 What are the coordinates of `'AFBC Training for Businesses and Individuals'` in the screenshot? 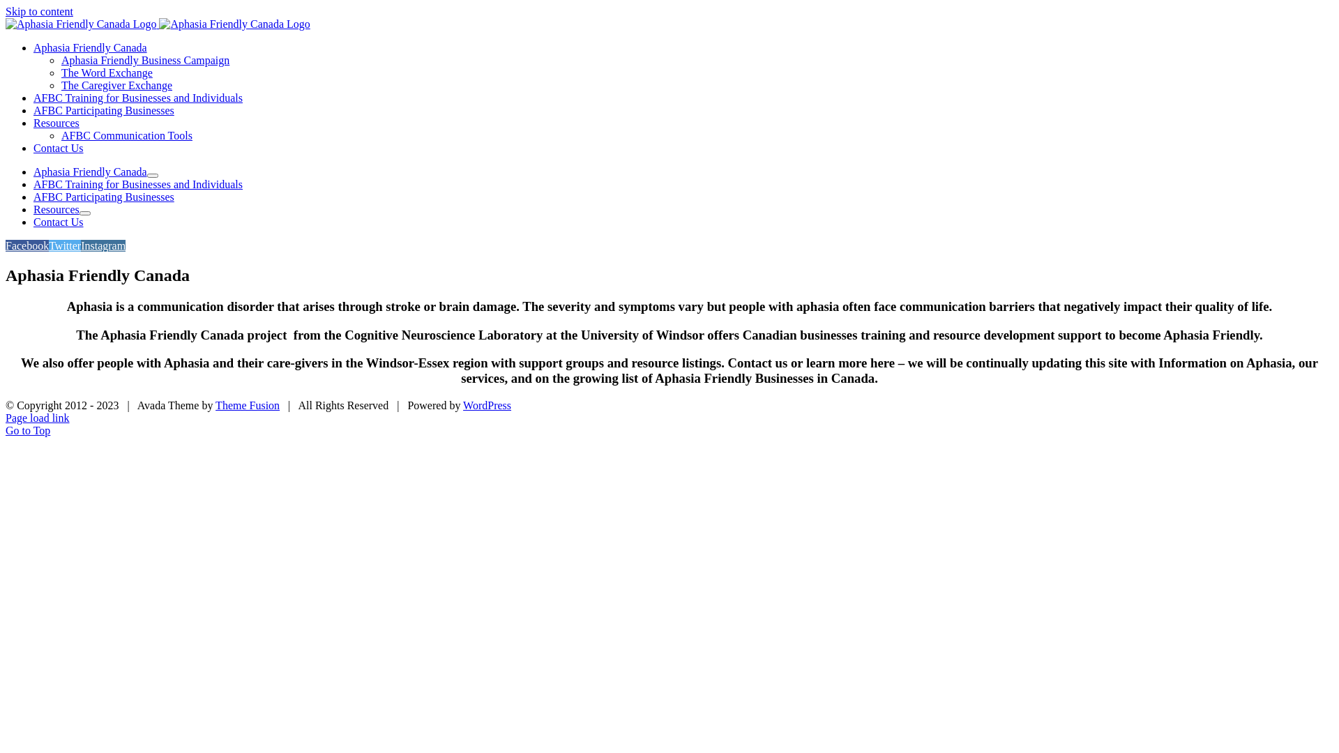 It's located at (137, 183).